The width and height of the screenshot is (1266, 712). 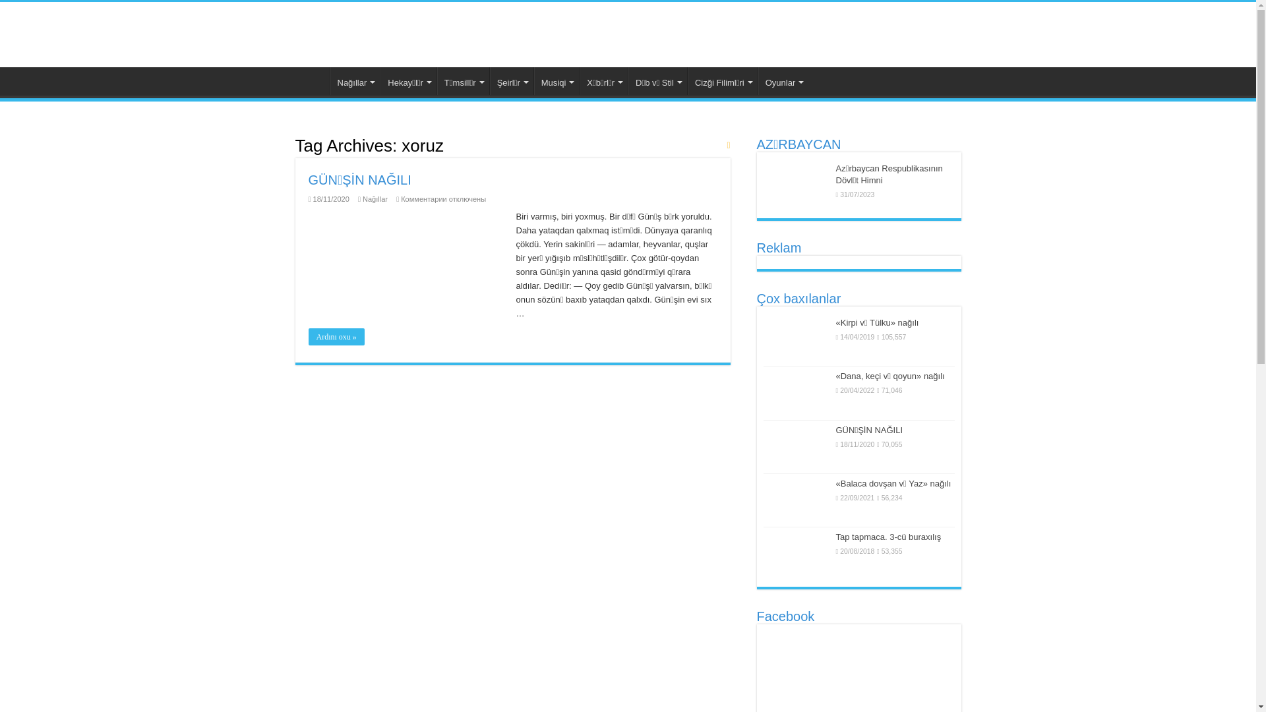 What do you see at coordinates (727, 144) in the screenshot?
I see `'Feed Subscription'` at bounding box center [727, 144].